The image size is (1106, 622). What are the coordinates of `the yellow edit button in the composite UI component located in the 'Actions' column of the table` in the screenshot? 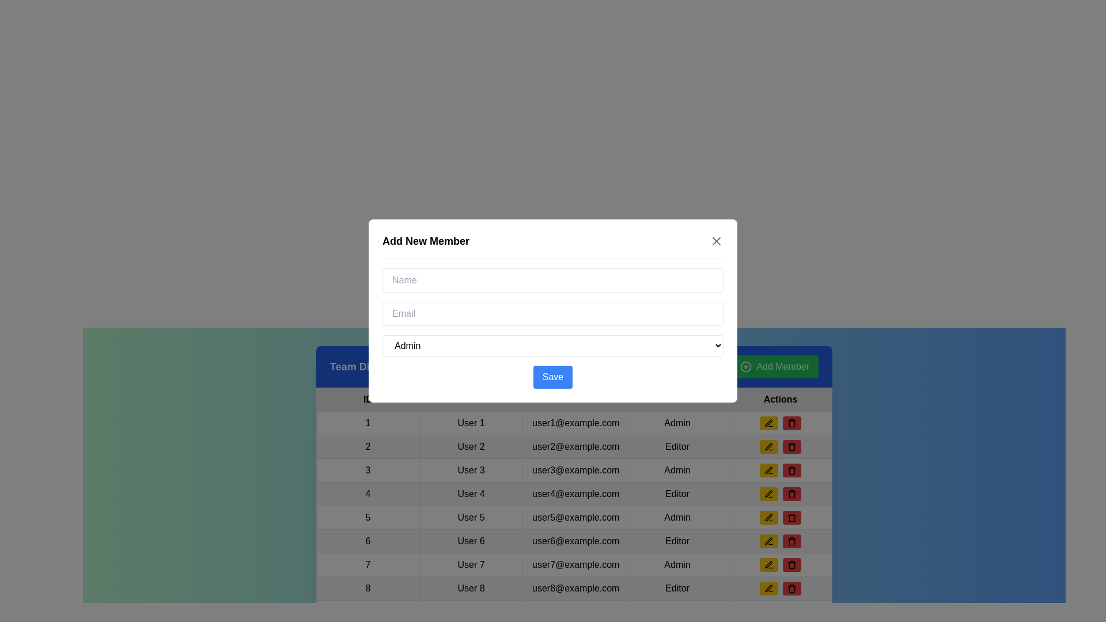 It's located at (780, 423).